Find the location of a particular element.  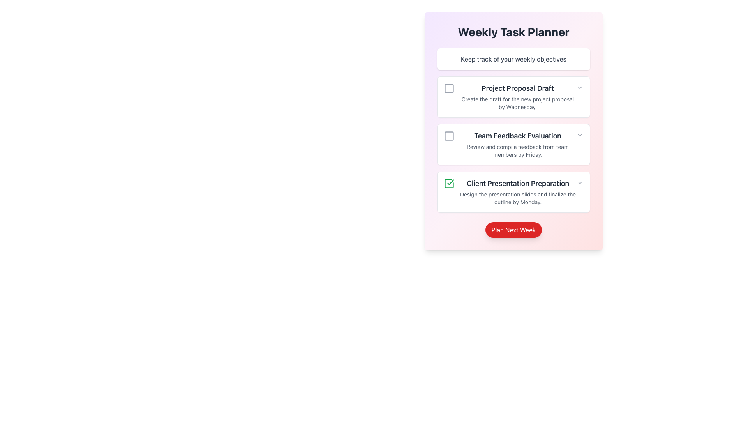

the green check mark SVG element that indicates completion, located within the third item of the list for 'Client Presentation Preparation' is located at coordinates (450, 182).